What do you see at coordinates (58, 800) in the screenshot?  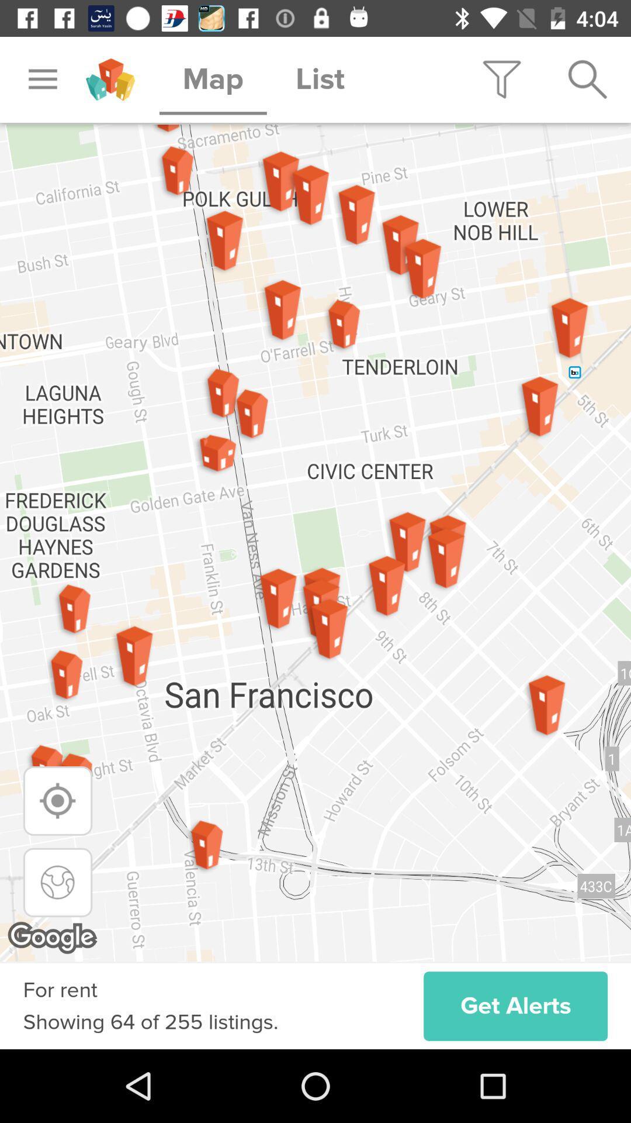 I see `my location` at bounding box center [58, 800].